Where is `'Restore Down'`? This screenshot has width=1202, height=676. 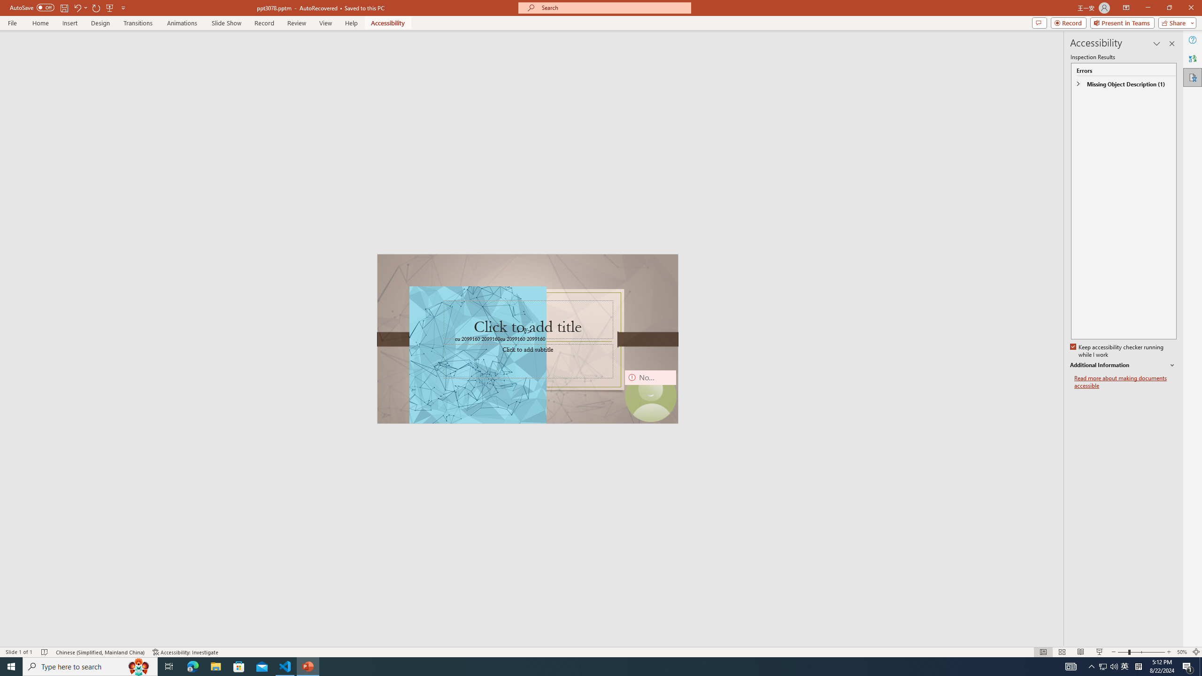
'Restore Down' is located at coordinates (1169, 8).